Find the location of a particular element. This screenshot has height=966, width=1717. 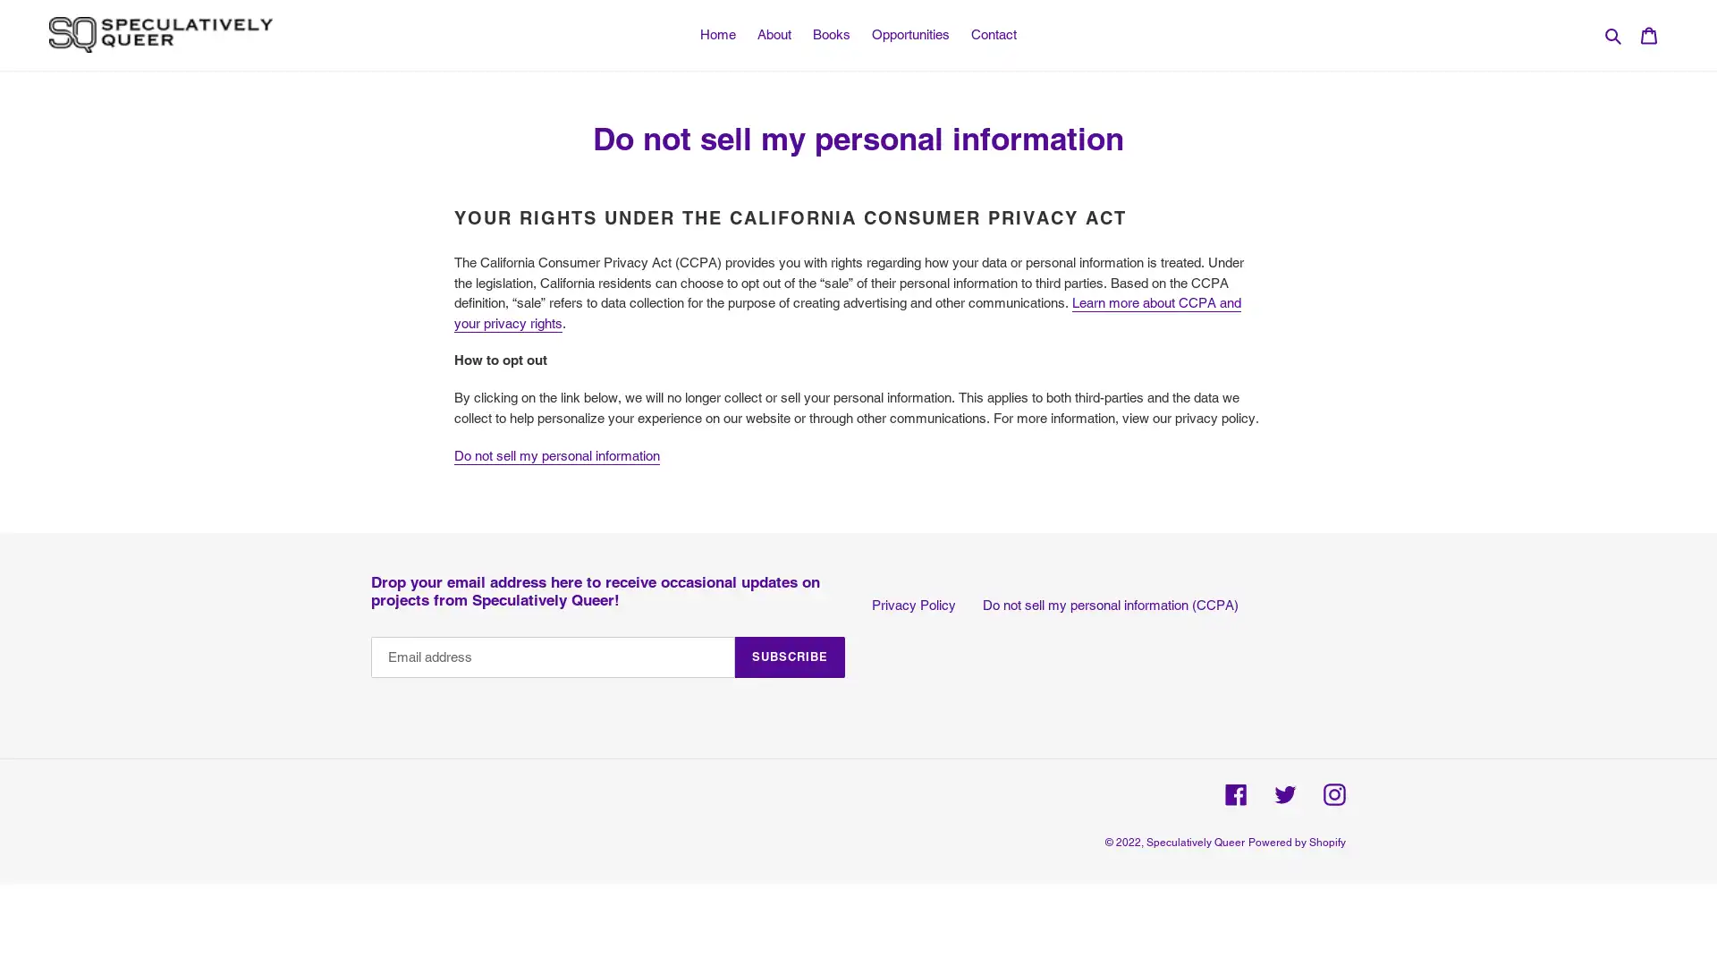

SUBSCRIBE is located at coordinates (789, 656).